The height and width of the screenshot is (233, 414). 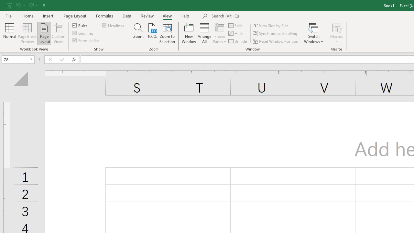 I want to click on 'Reset Window Position', so click(x=276, y=41).